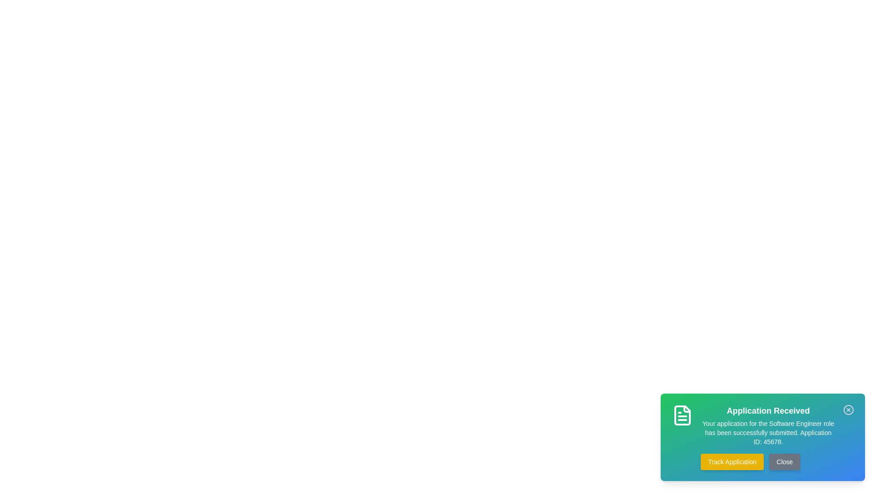 The height and width of the screenshot is (492, 876). Describe the element at coordinates (784, 462) in the screenshot. I see `the button labeled Close to see its hover effect` at that location.